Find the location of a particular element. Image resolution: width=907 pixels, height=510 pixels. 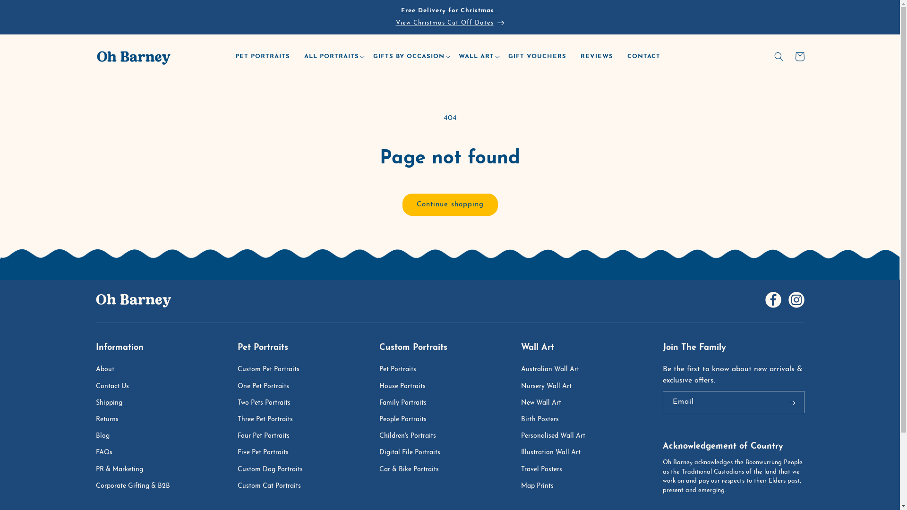

'Personalised Wall Art' is located at coordinates (557, 436).